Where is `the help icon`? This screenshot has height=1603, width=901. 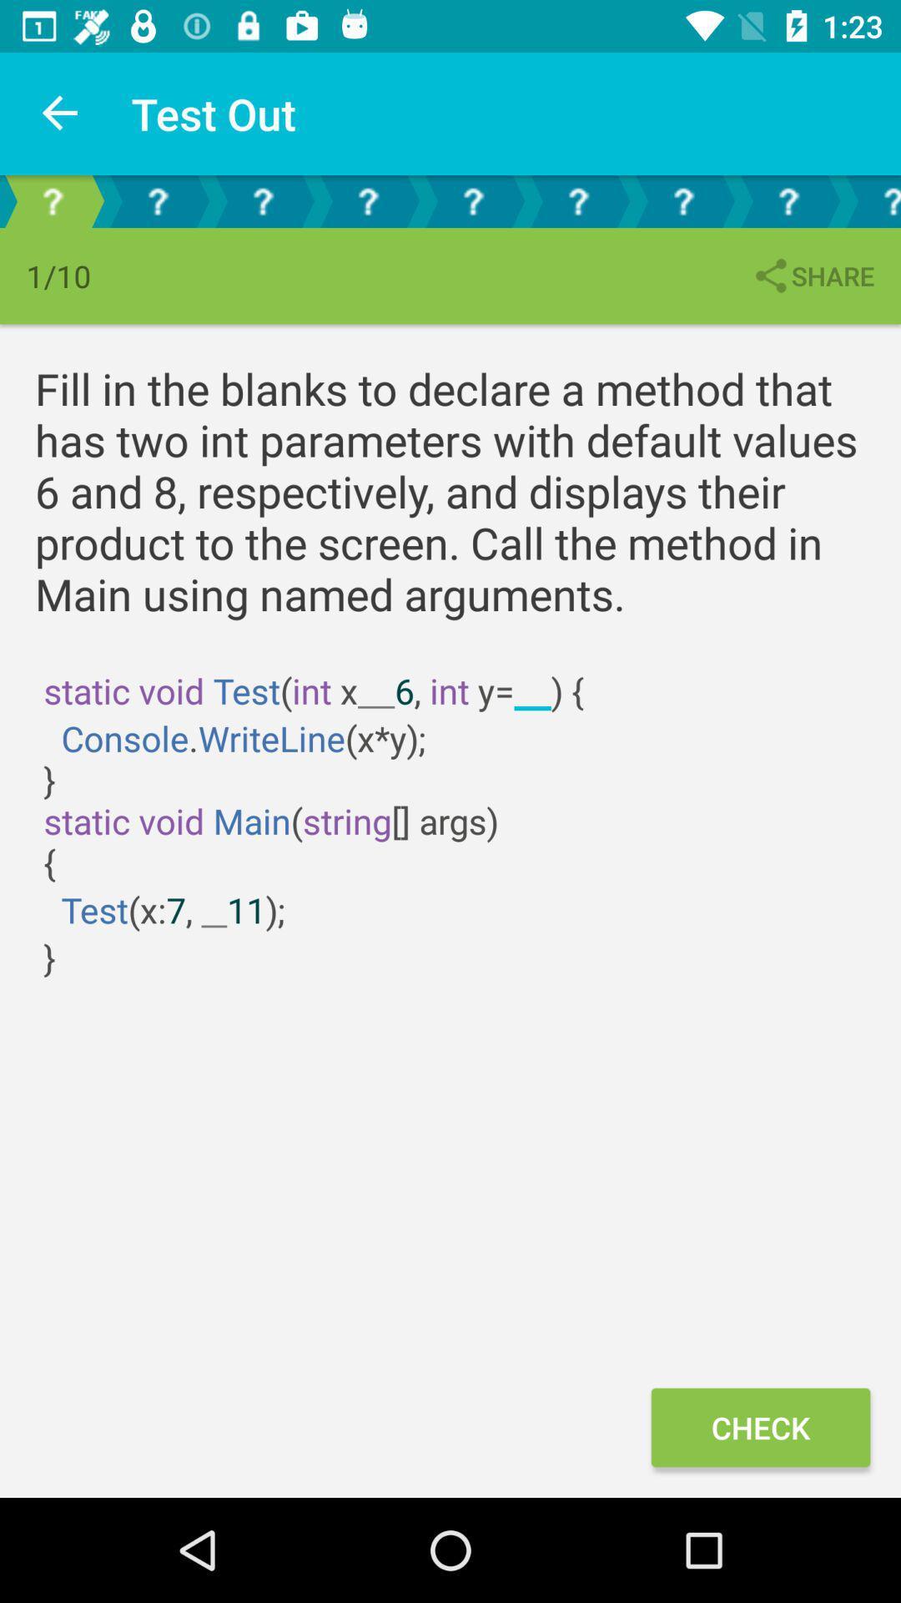
the help icon is located at coordinates (473, 200).